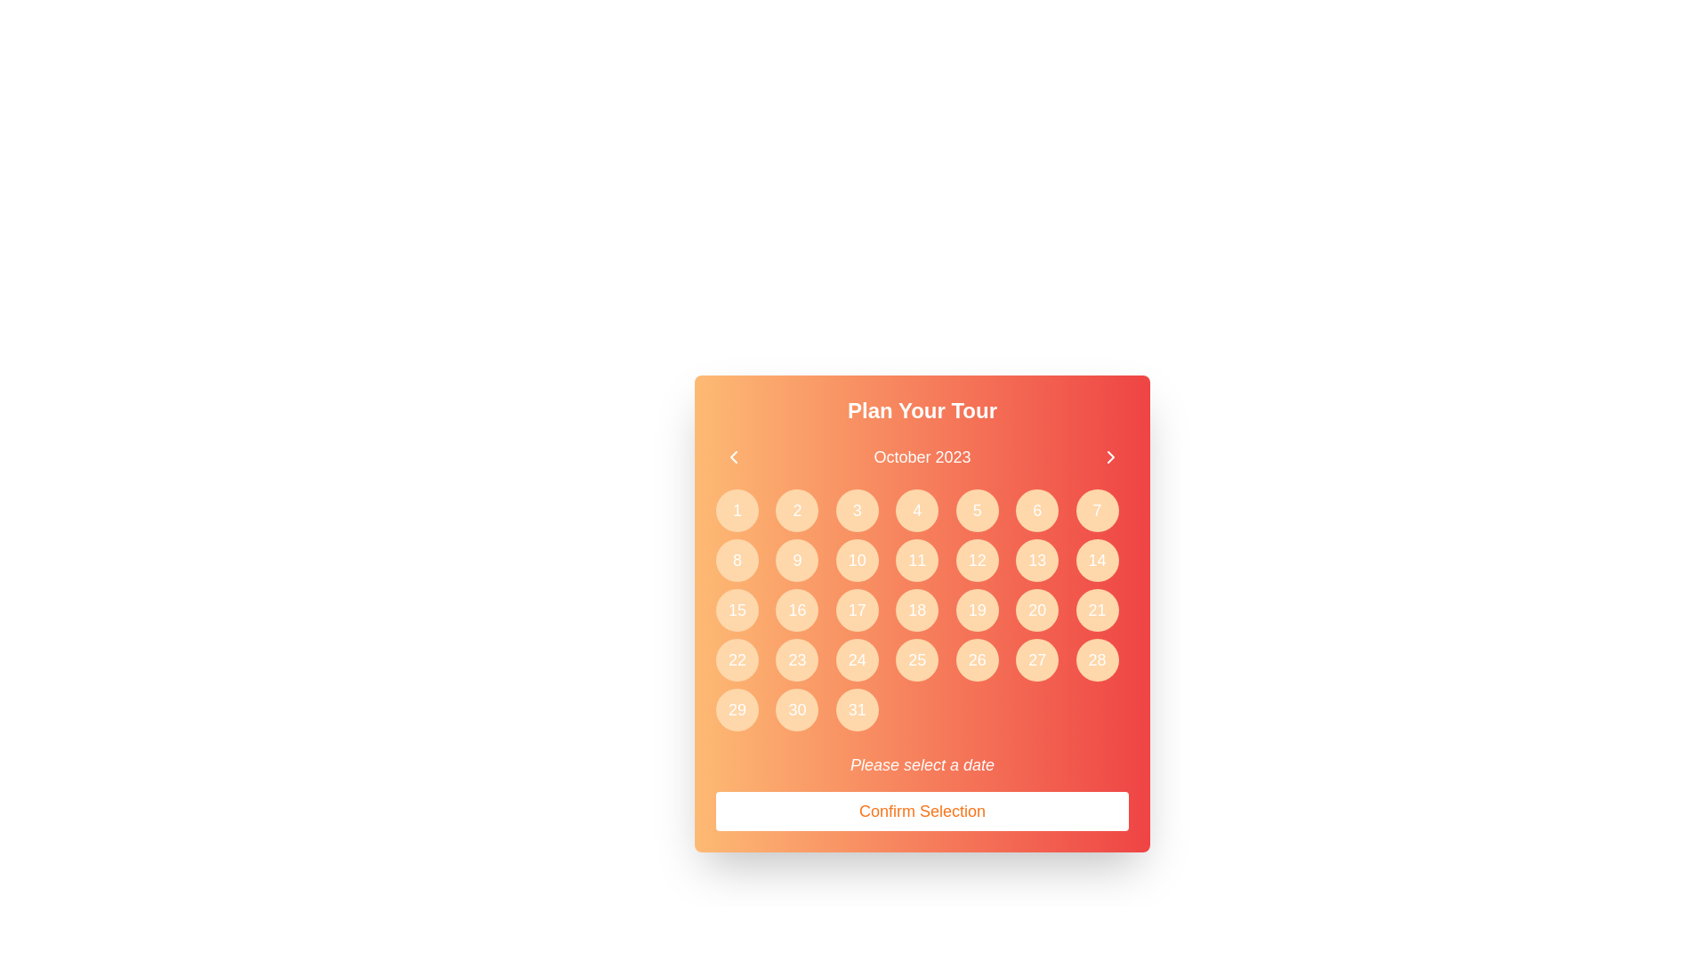 The width and height of the screenshot is (1708, 961). What do you see at coordinates (737, 559) in the screenshot?
I see `the circular orange button labeled '8' in the grid for potential tooltip or effect display` at bounding box center [737, 559].